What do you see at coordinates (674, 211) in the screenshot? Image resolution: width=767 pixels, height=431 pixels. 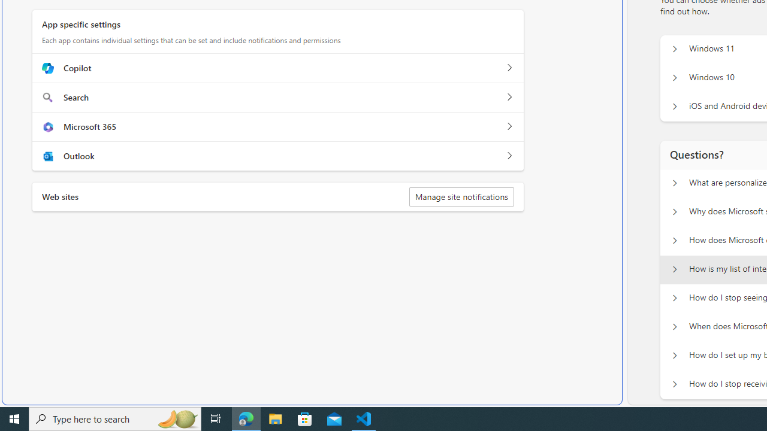 I see `'Questions? Why does Microsoft show personalized ads?'` at bounding box center [674, 211].